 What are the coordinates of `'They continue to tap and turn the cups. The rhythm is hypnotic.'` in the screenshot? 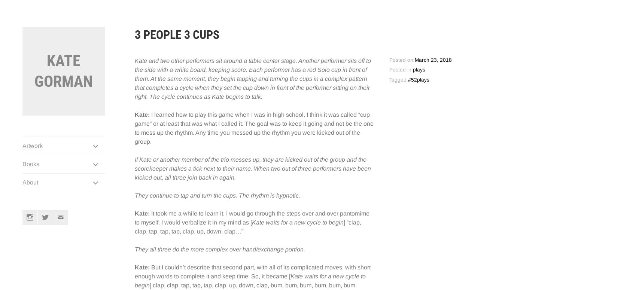 It's located at (217, 195).